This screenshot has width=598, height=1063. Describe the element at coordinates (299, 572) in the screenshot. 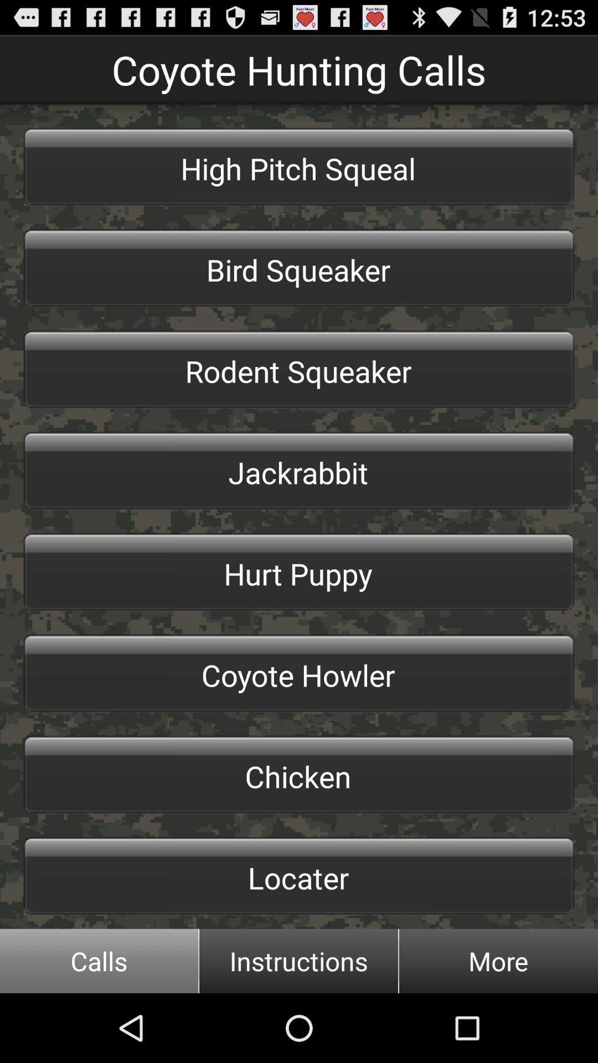

I see `item above coyote howler item` at that location.